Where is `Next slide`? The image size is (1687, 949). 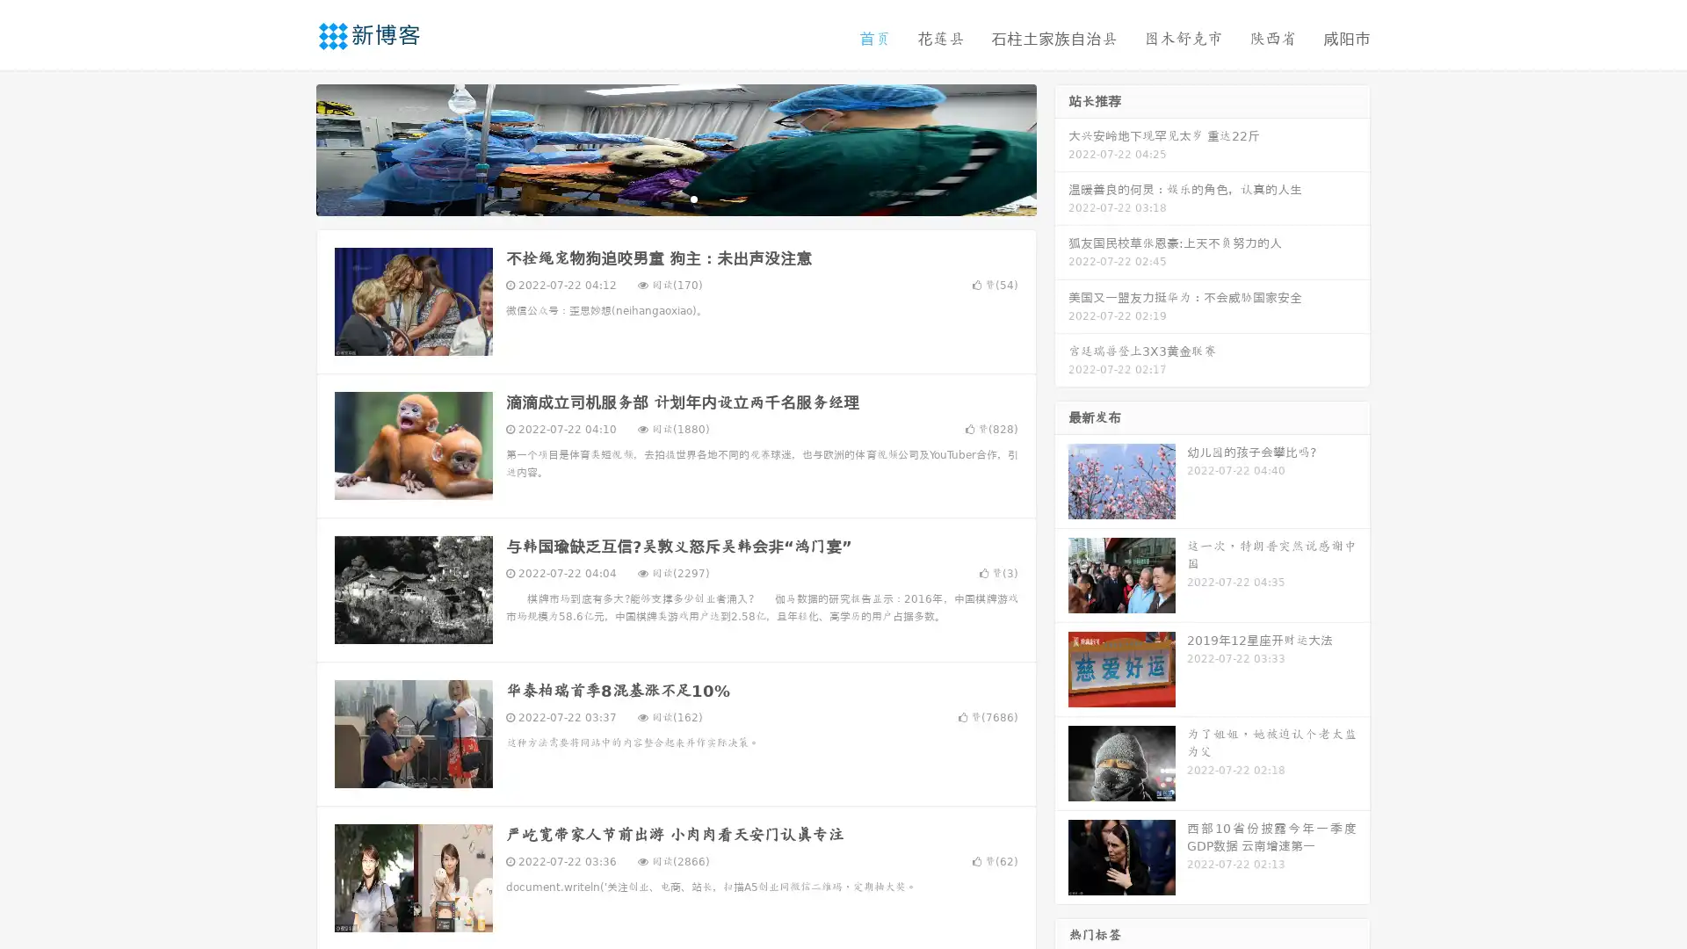
Next slide is located at coordinates (1061, 148).